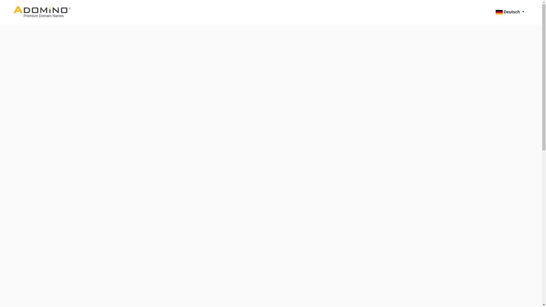 This screenshot has width=546, height=307. Describe the element at coordinates (42, 12) in the screenshot. I see `'Premium Domain Names'` at that location.